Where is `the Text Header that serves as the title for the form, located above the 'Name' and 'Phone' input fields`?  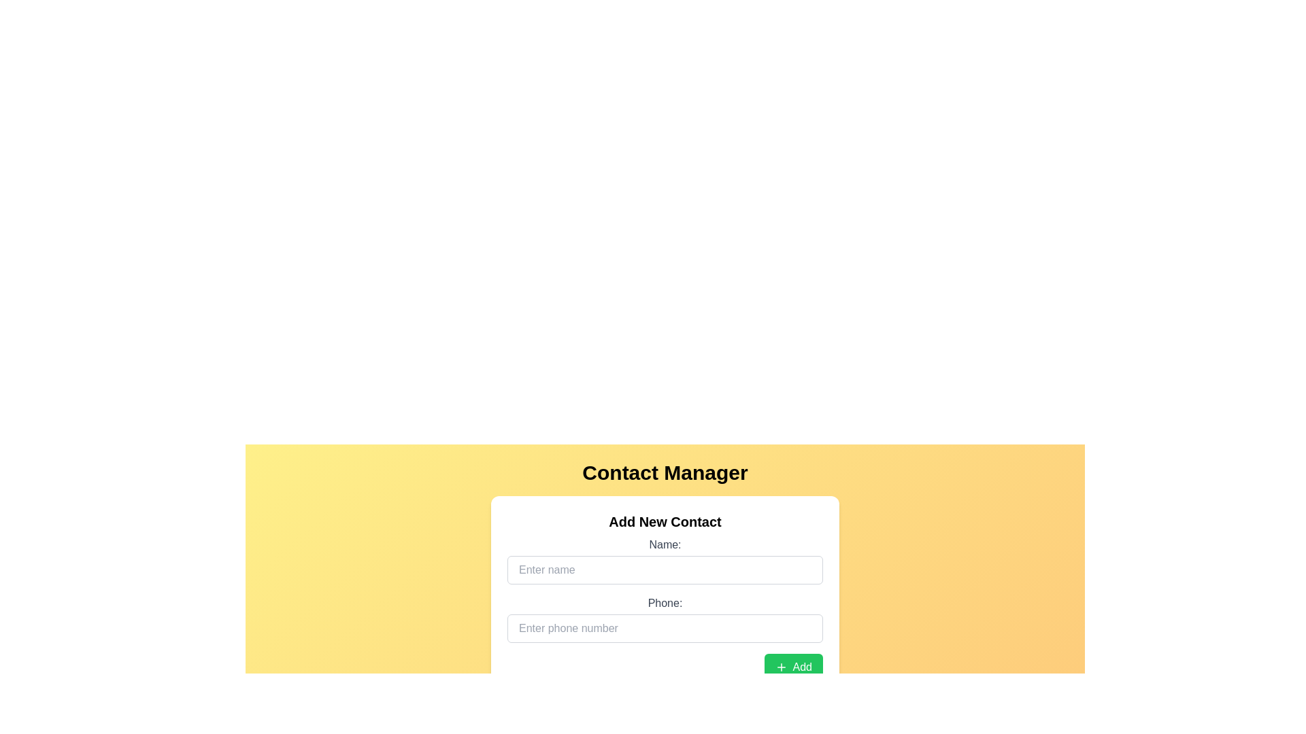 the Text Header that serves as the title for the form, located above the 'Name' and 'Phone' input fields is located at coordinates (665, 521).